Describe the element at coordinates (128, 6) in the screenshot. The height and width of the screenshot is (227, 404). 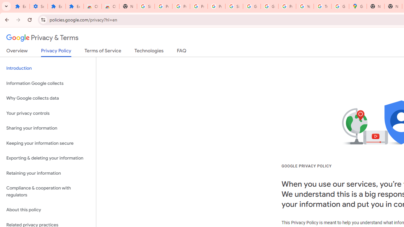
I see `'New Tab'` at that location.